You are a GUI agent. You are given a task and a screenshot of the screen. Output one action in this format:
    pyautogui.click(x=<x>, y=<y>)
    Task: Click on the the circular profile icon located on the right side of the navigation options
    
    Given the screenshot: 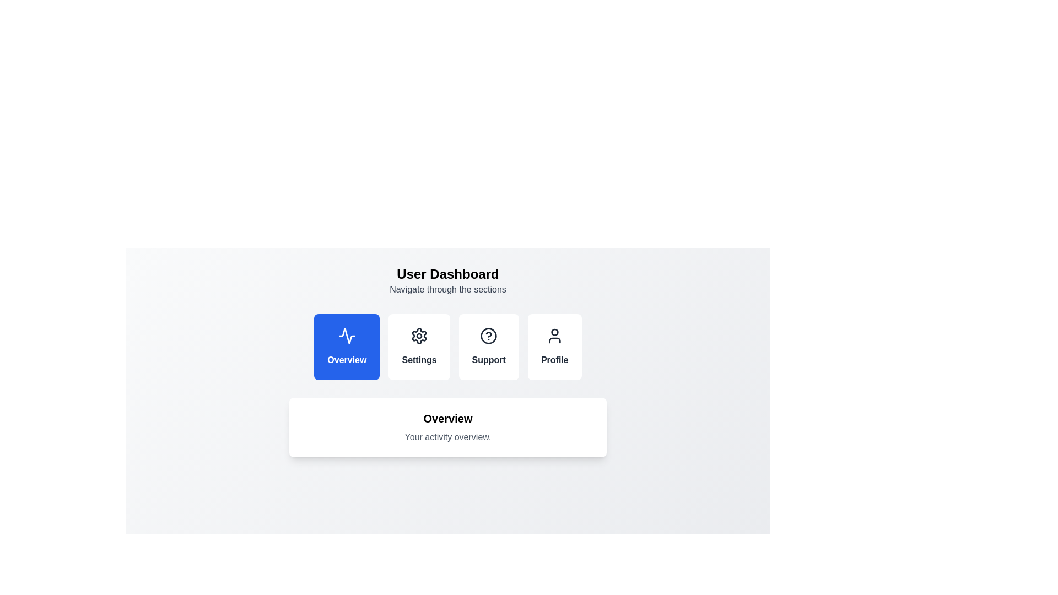 What is the action you would take?
    pyautogui.click(x=554, y=332)
    